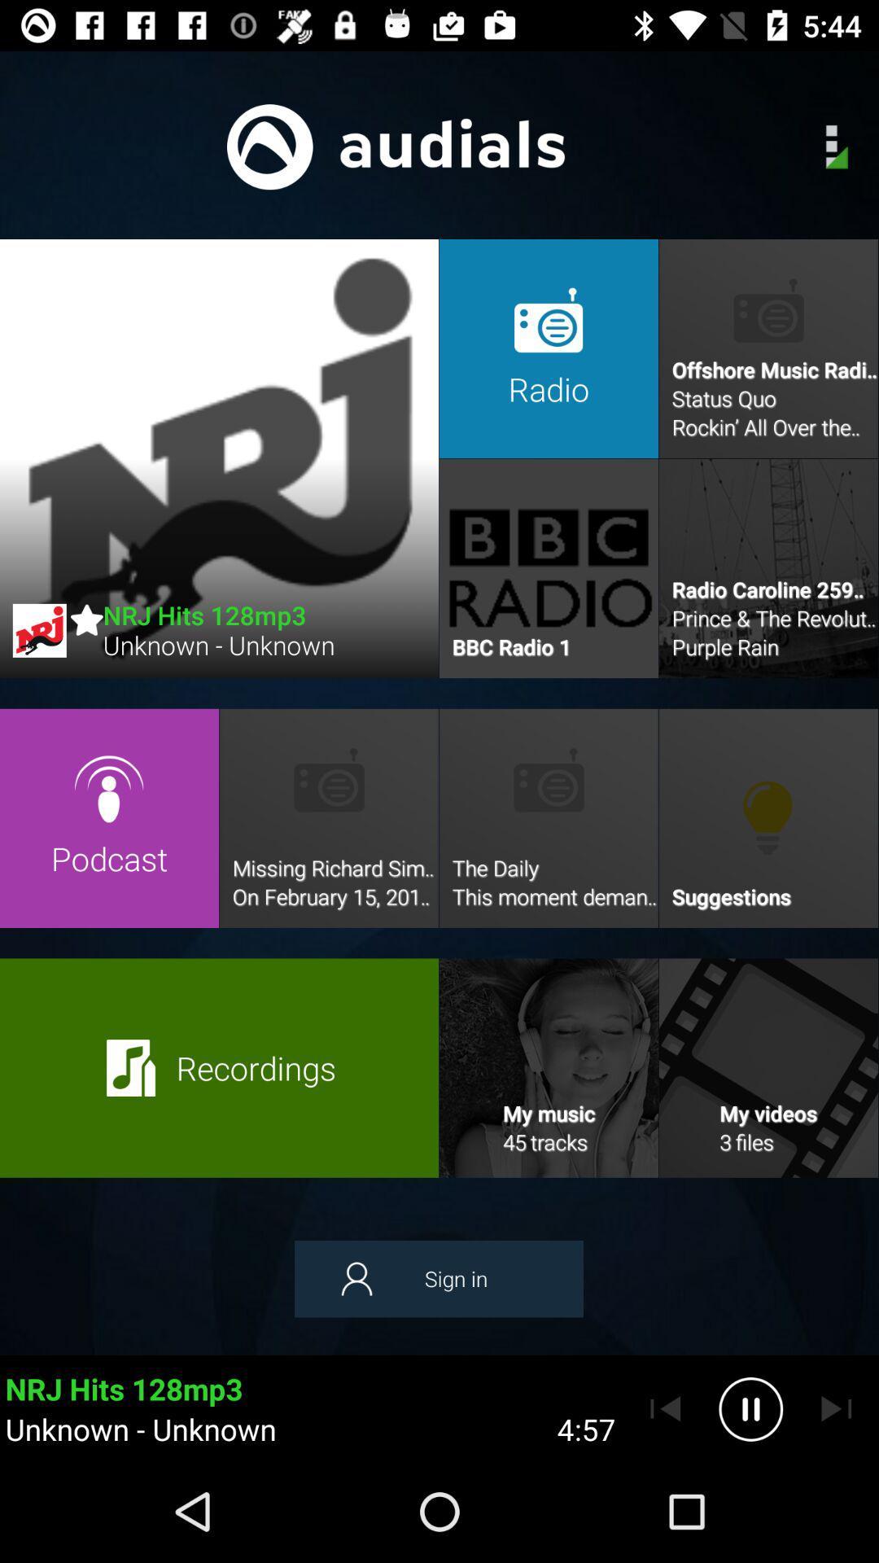  What do you see at coordinates (836, 1408) in the screenshot?
I see `the skip_next icon` at bounding box center [836, 1408].